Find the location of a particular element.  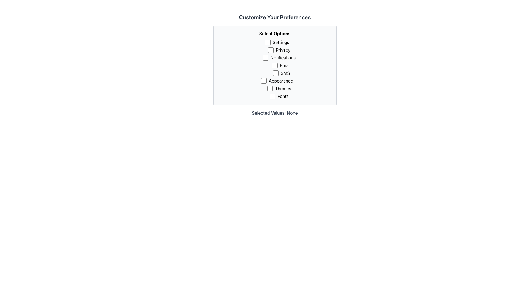

the checkbox next to the 'Fonts' label in the preferences selection module is located at coordinates (272, 96).